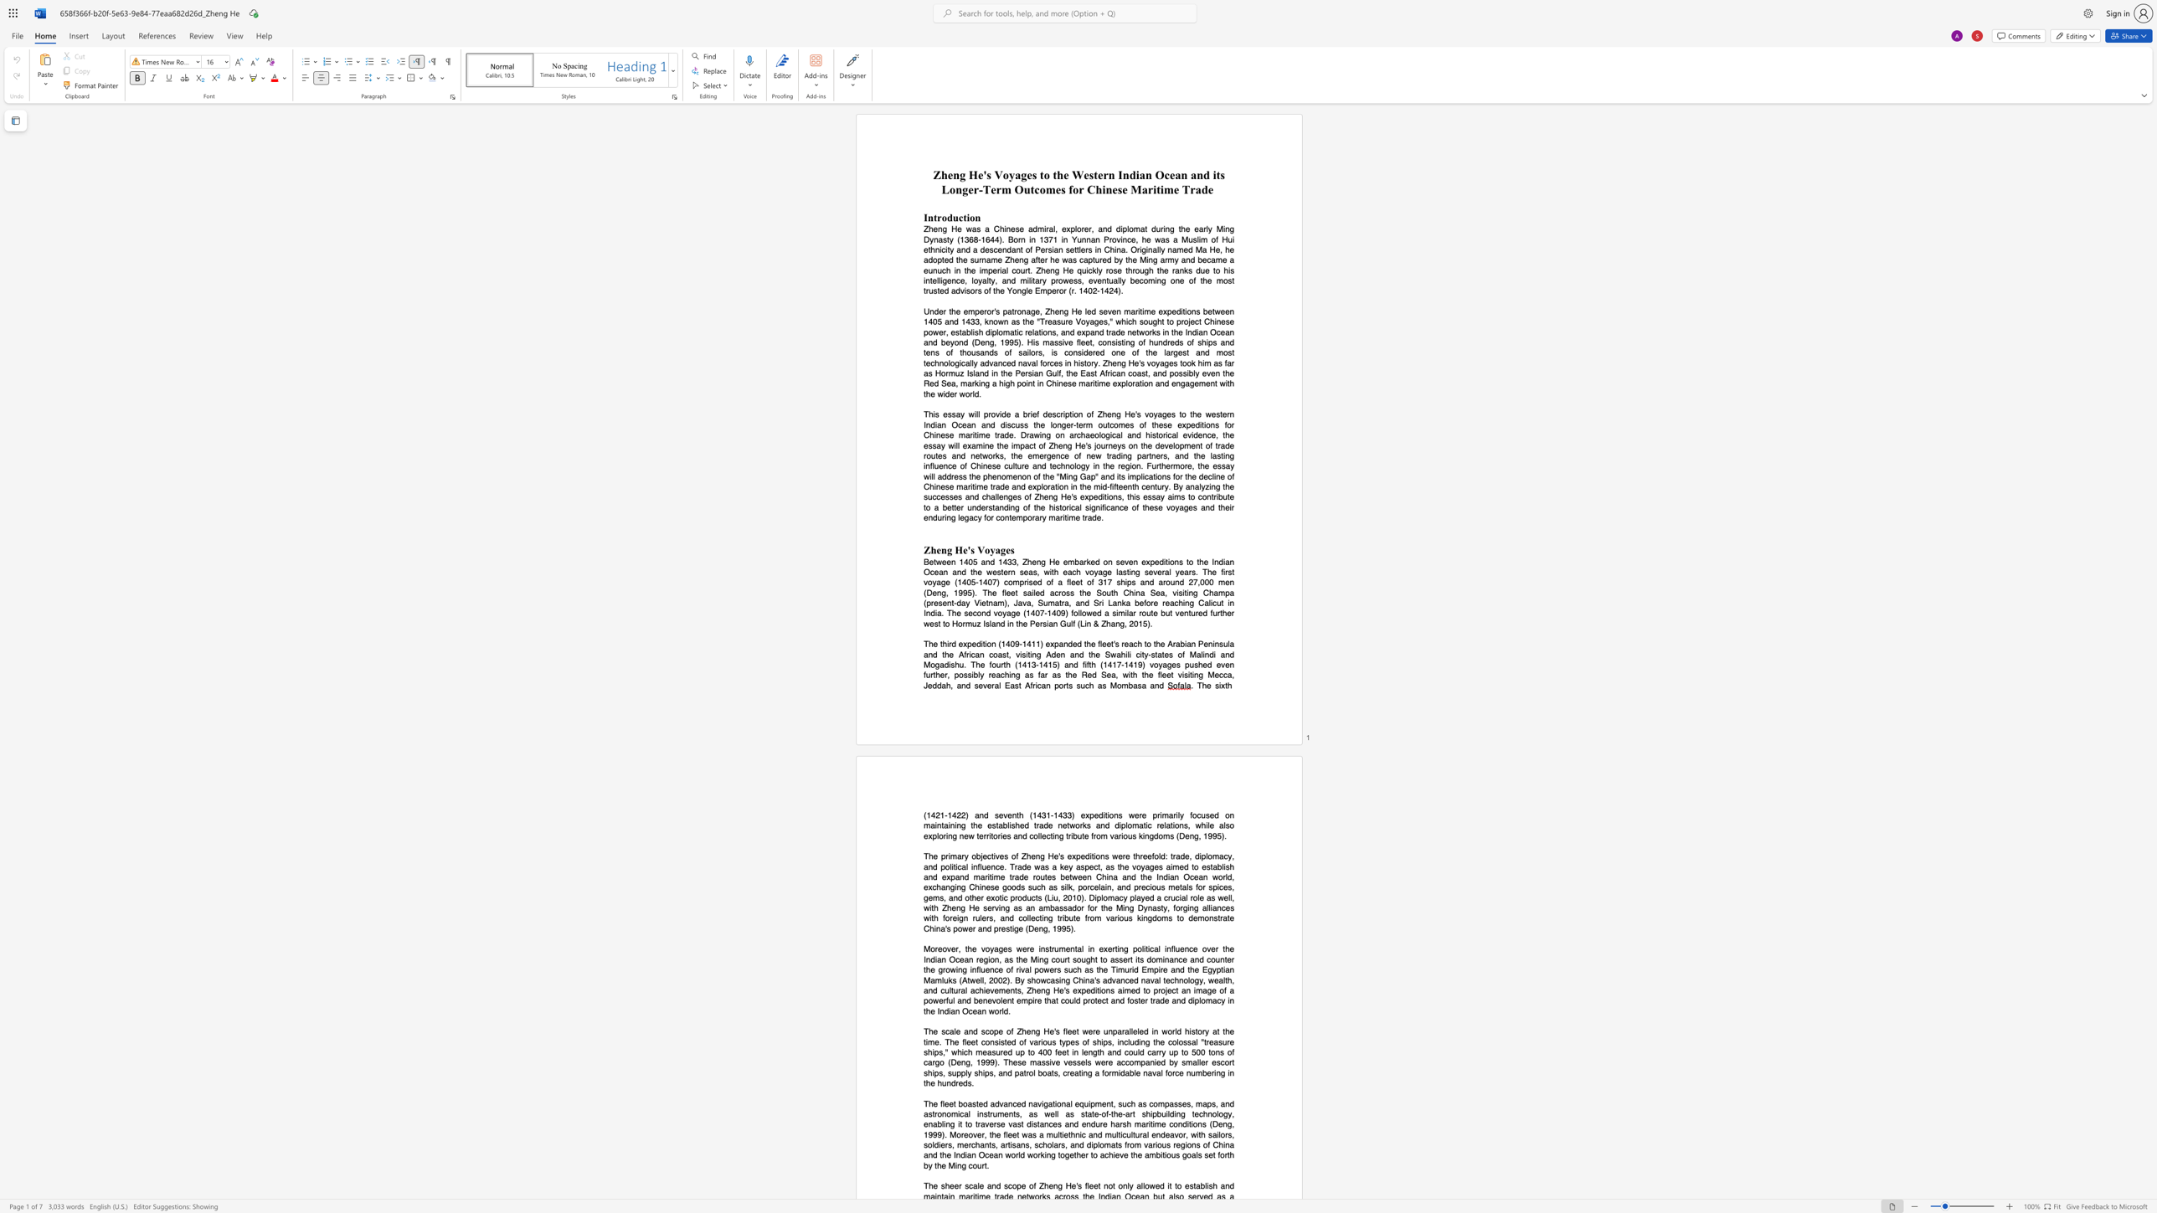 Image resolution: width=2157 pixels, height=1213 pixels. What do you see at coordinates (995, 1102) in the screenshot?
I see `the subset text "dvanced navigational equipment, such as compasses, maps, and astronomical in" within the text "The fleet boasted advanced navigational equipment, such as compasses, maps, and astronomical instruments, as well as"` at bounding box center [995, 1102].